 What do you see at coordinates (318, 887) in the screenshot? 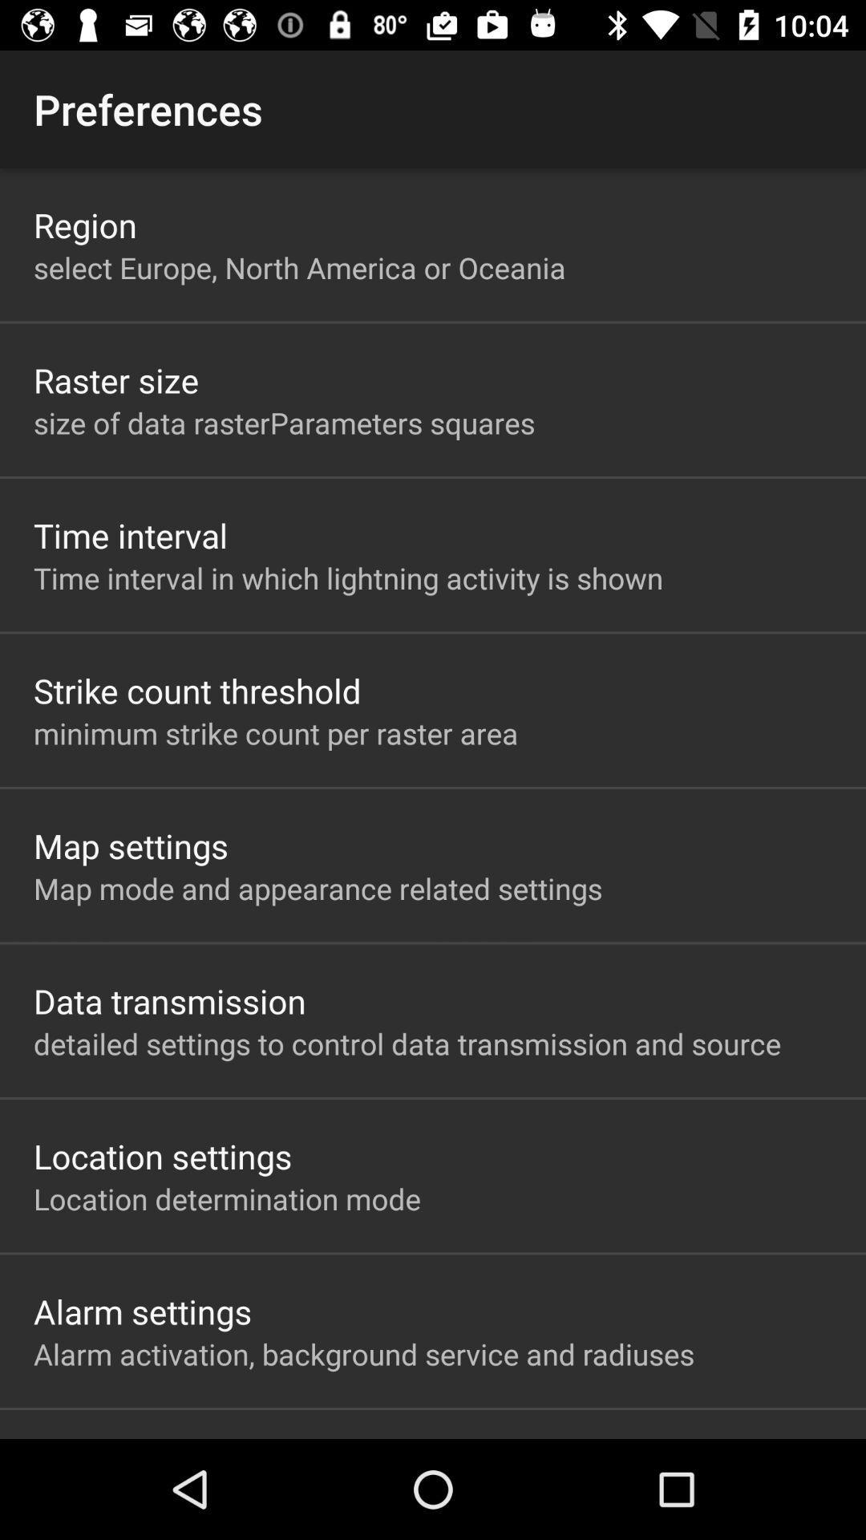
I see `map mode and app` at bounding box center [318, 887].